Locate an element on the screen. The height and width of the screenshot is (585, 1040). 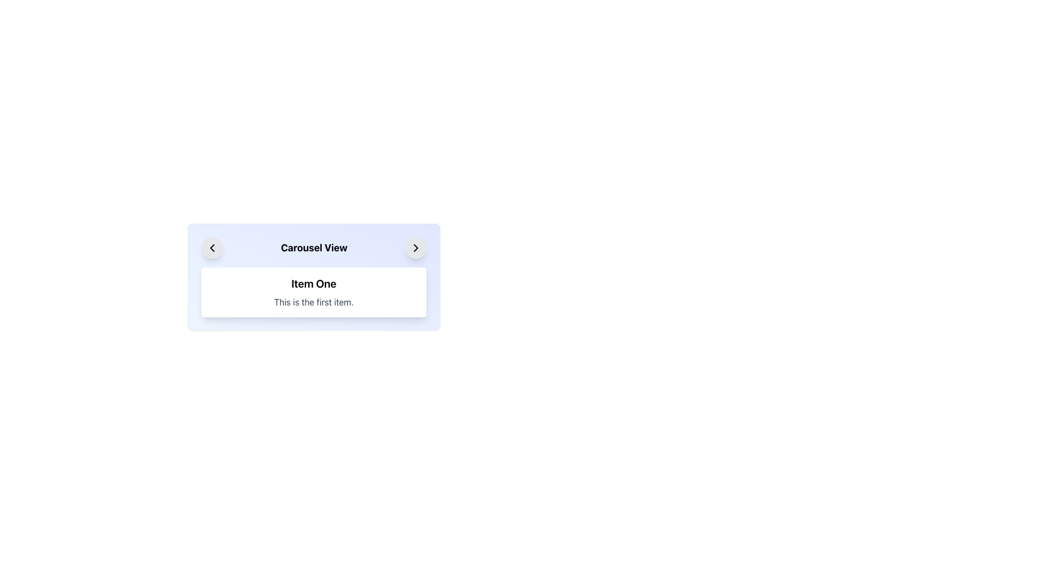
the first carousel item displaying 'Item One' in the carousel located below the title 'Carousel View' is located at coordinates (314, 292).